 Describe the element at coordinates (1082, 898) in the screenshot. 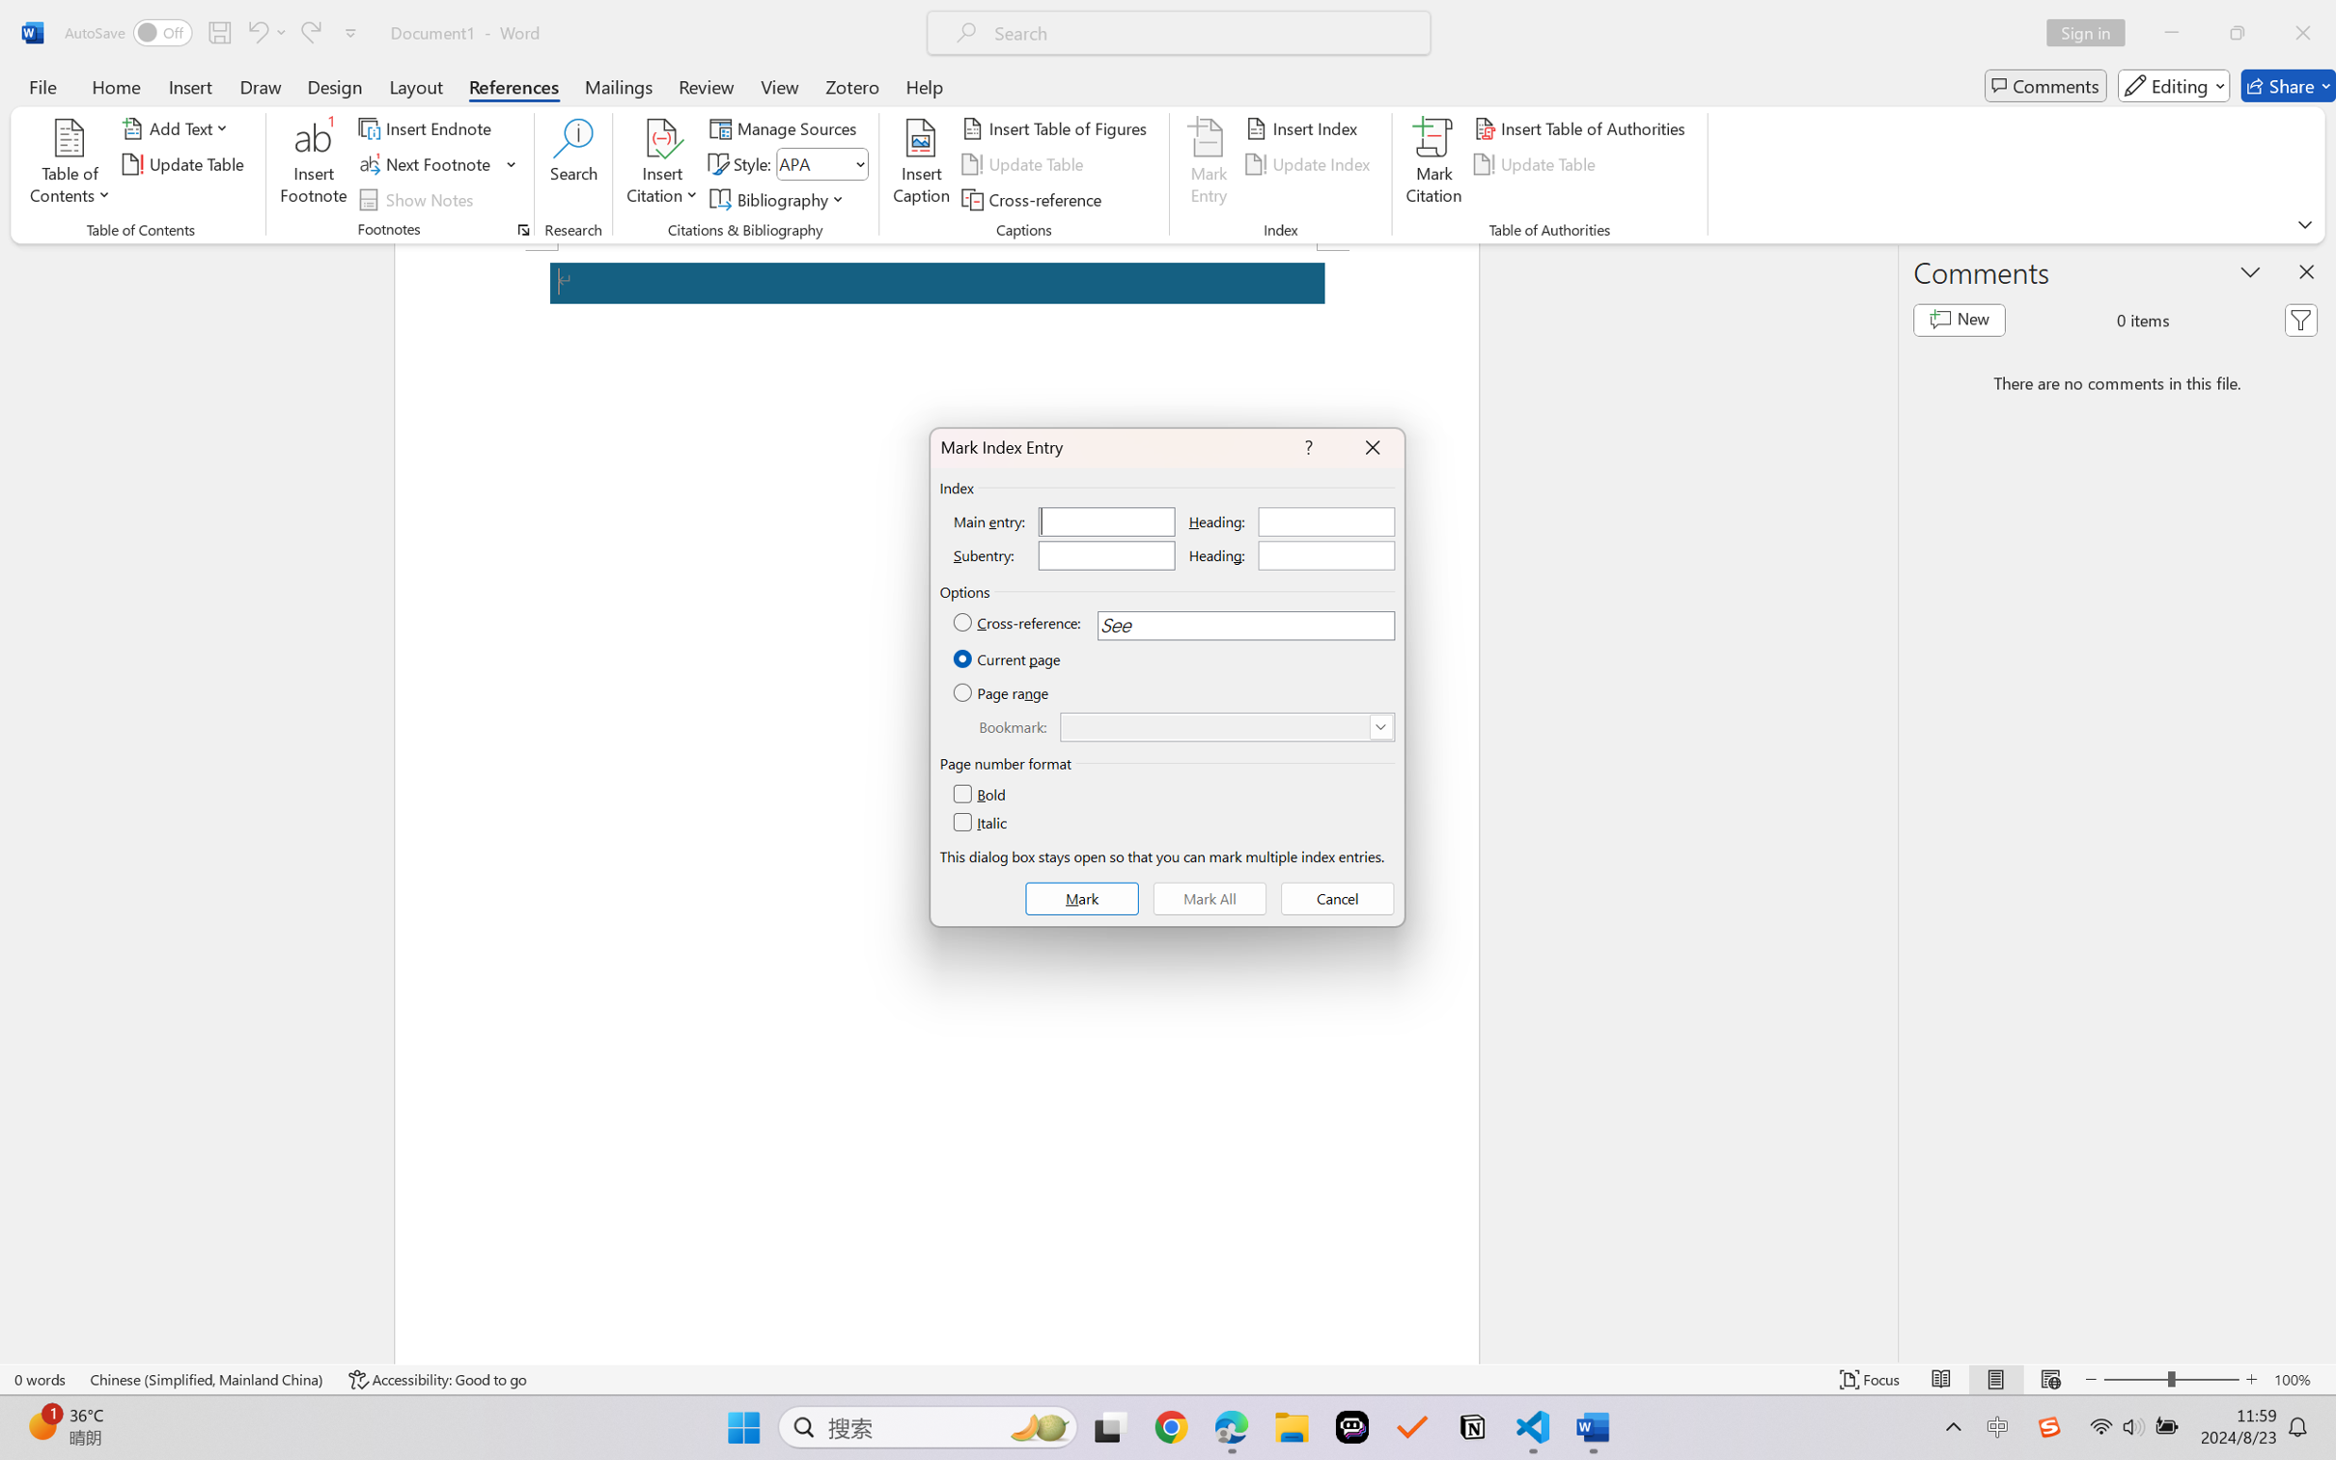

I see `'Mark'` at that location.